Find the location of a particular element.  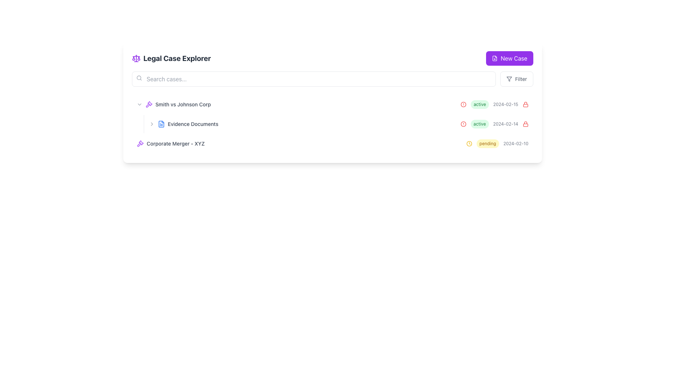

the yellow circular clock icon located near the 'pending' status label and the '2024-02-10' date, which represents the associated status or information is located at coordinates (469, 144).